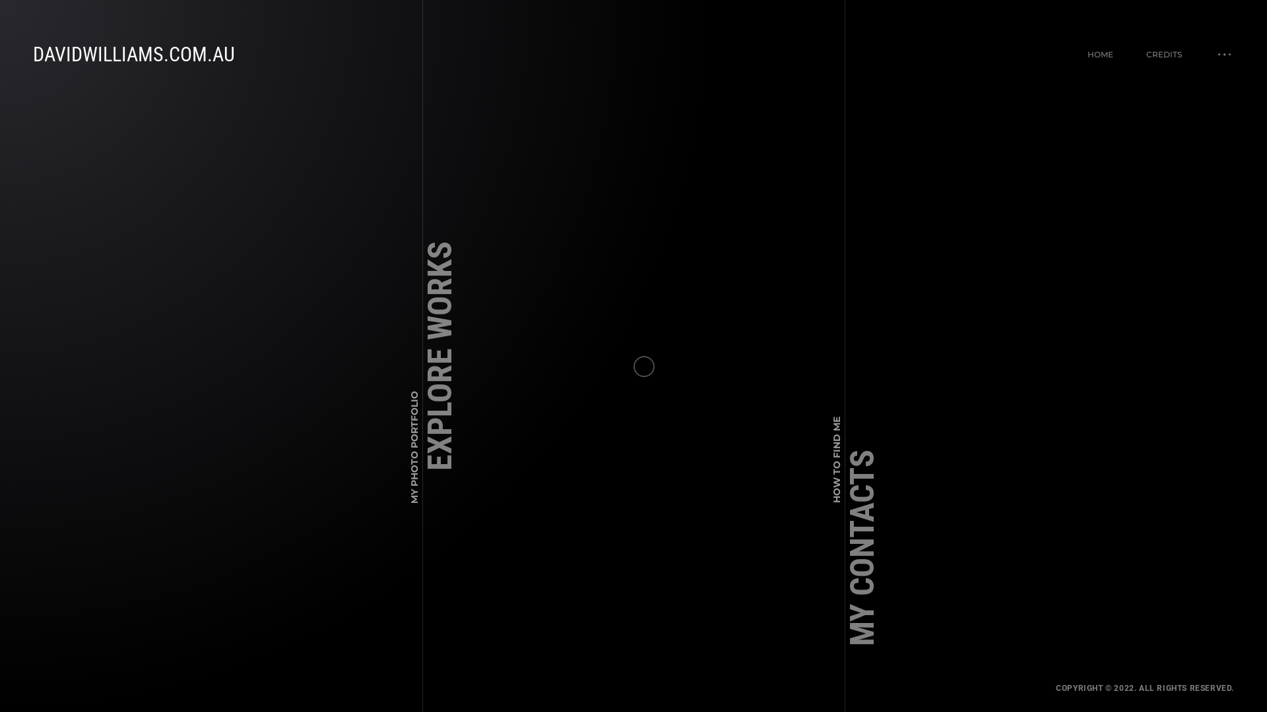 The width and height of the screenshot is (1267, 712). I want to click on 'HOME', so click(1087, 53).